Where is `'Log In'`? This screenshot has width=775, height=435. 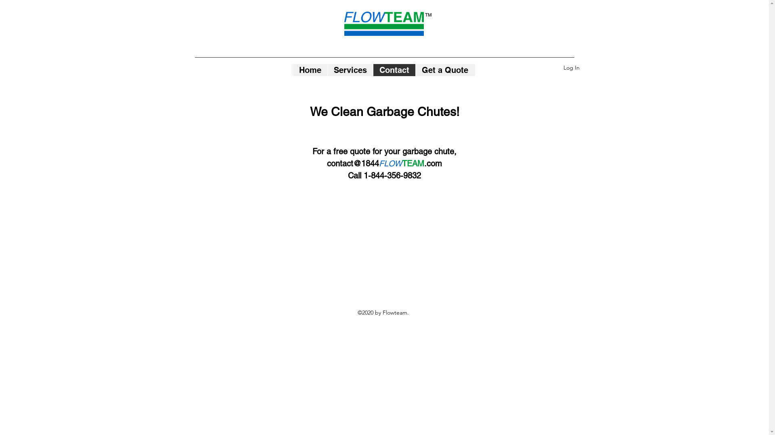
'Log In' is located at coordinates (571, 67).